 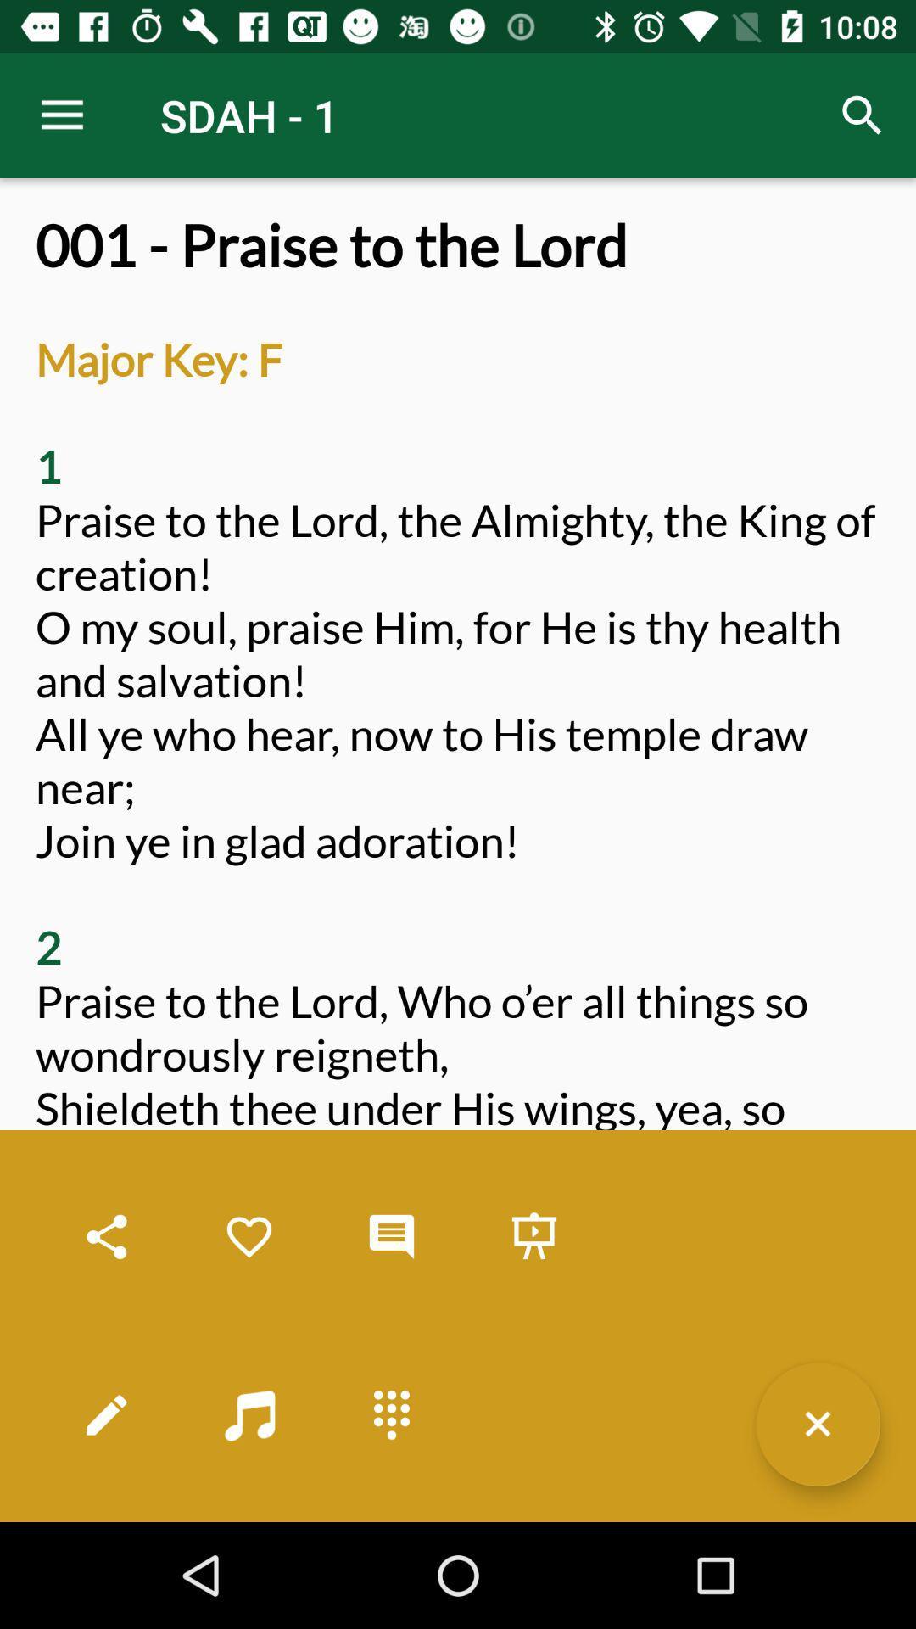 What do you see at coordinates (458, 867) in the screenshot?
I see `001 praise to` at bounding box center [458, 867].